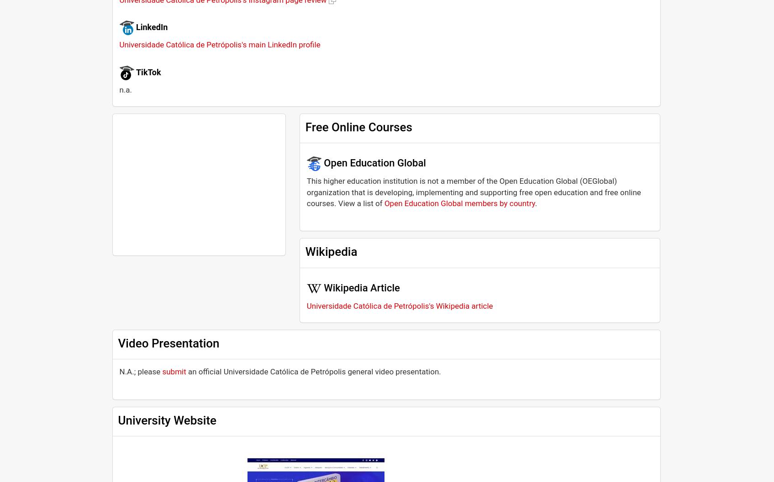 This screenshot has height=482, width=774. I want to click on 'Universidade Católica de Petrópolis's main LinkedIn profile', so click(119, 44).